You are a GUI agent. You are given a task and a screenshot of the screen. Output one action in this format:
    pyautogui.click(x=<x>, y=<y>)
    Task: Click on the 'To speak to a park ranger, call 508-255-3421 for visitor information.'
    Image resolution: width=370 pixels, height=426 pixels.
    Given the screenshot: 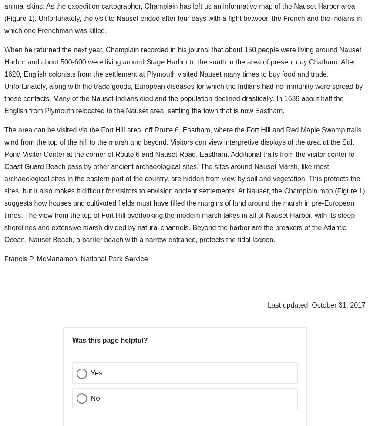 What is the action you would take?
    pyautogui.click(x=82, y=160)
    